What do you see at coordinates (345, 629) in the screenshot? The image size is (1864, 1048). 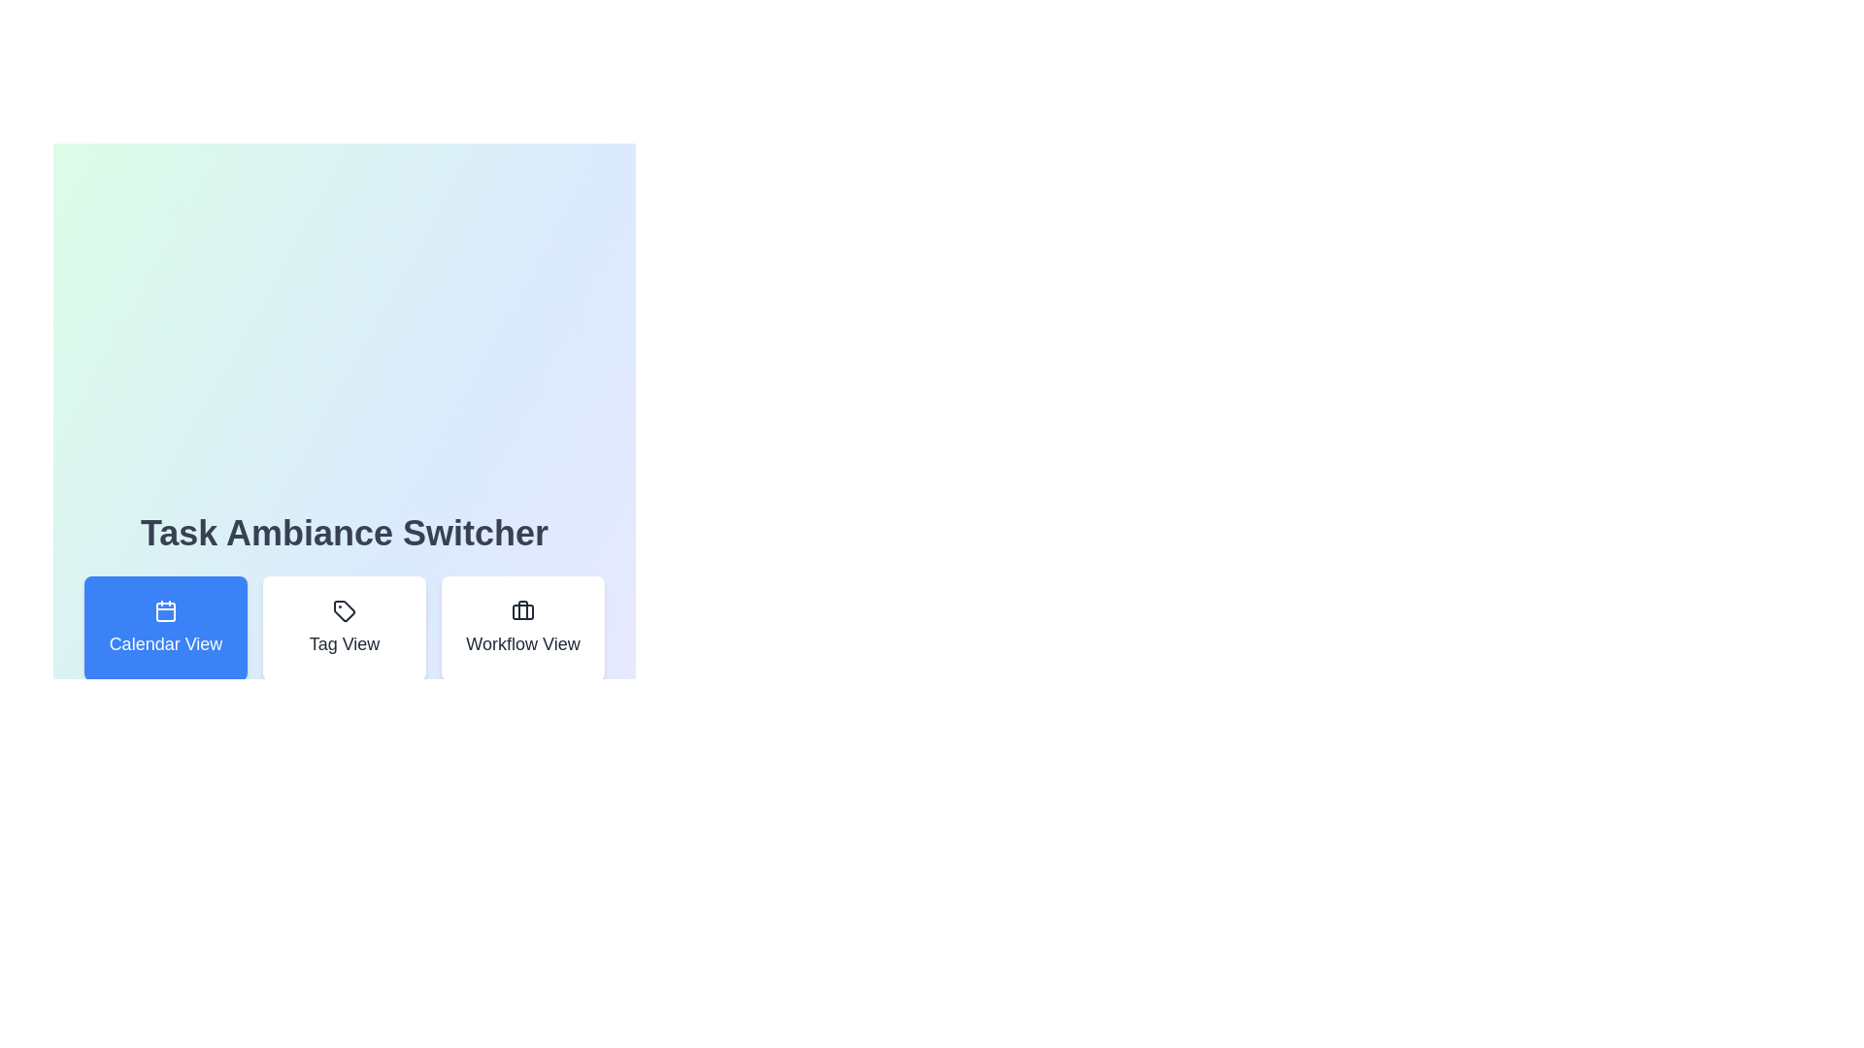 I see `the 'Tag View' Card Button located at the center of the bottom part of the interface to switch to Tag View mode` at bounding box center [345, 629].